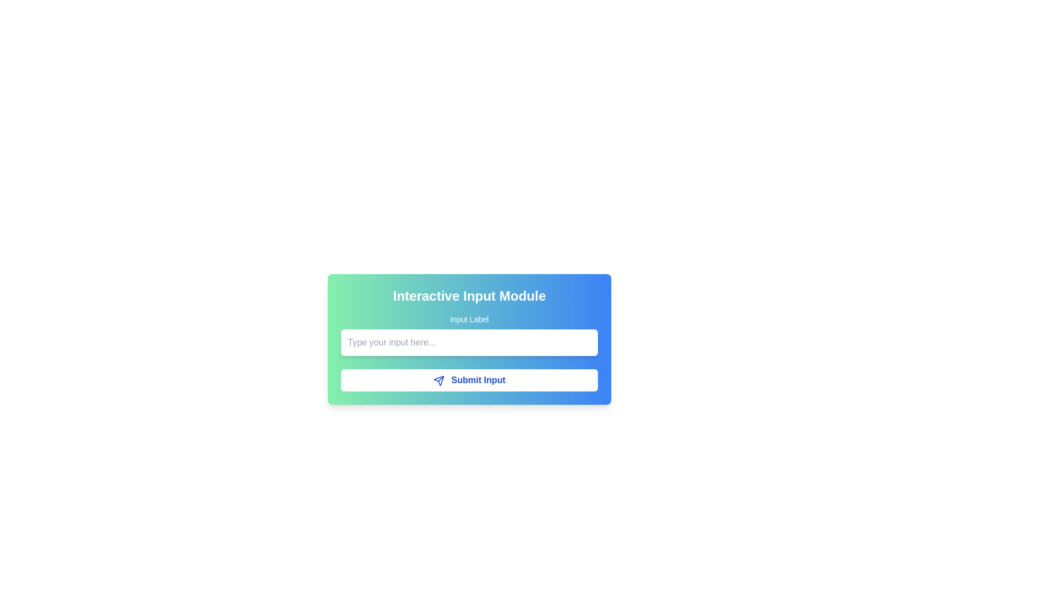 This screenshot has height=598, width=1063. I want to click on the triangular send symbol icon within the 'Submit Input' button located at the bottom-right of the input module, so click(438, 380).